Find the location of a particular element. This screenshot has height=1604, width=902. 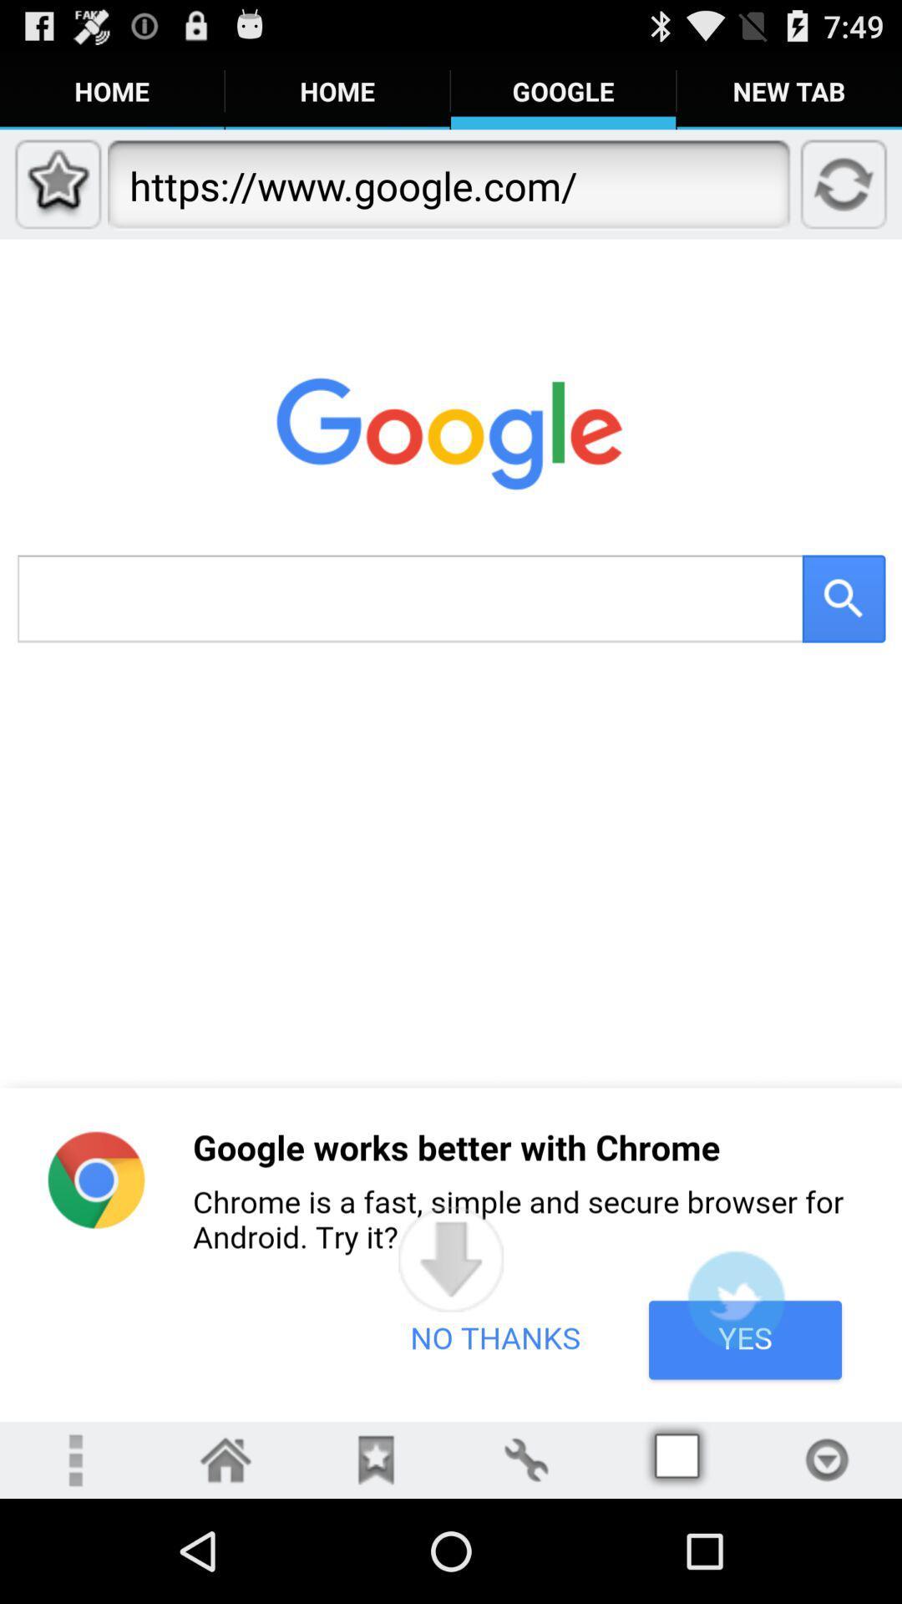

multiview is located at coordinates (676, 1459).